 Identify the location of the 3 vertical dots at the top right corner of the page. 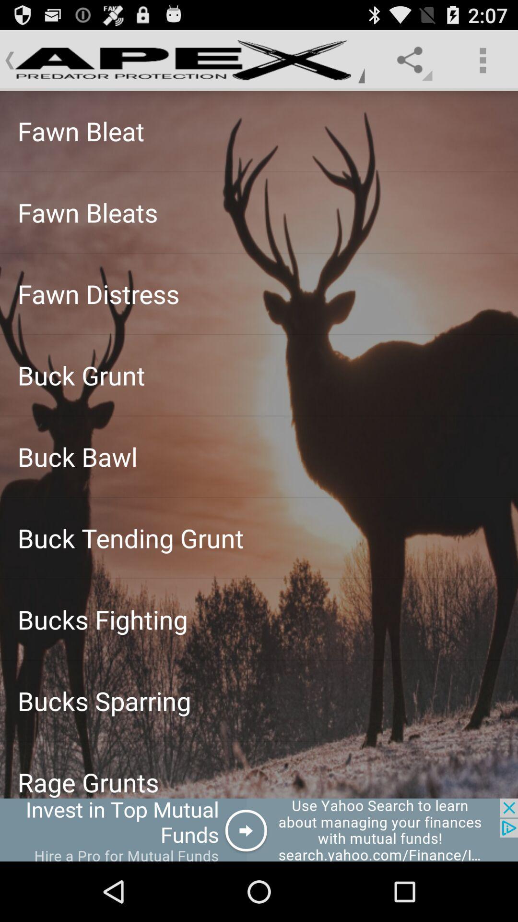
(483, 60).